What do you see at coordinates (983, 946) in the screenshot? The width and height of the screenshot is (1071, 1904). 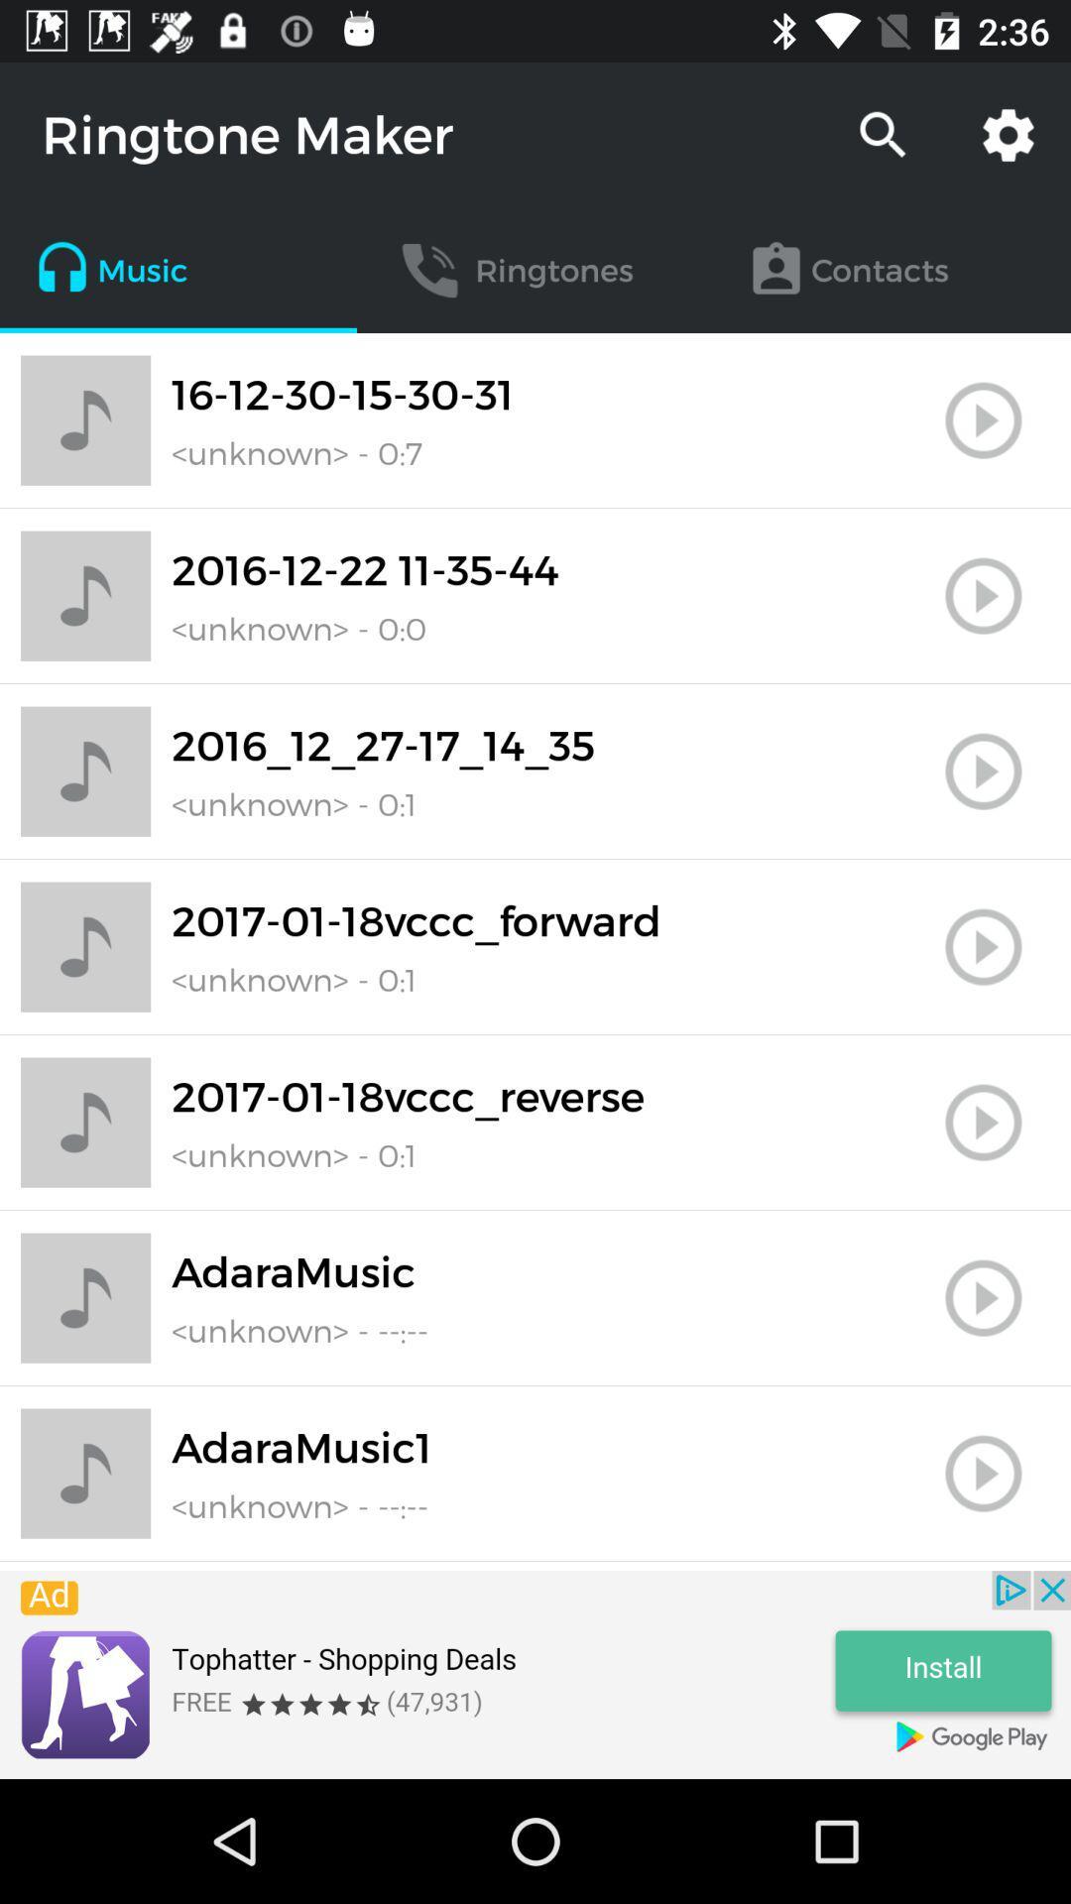 I see `play song` at bounding box center [983, 946].